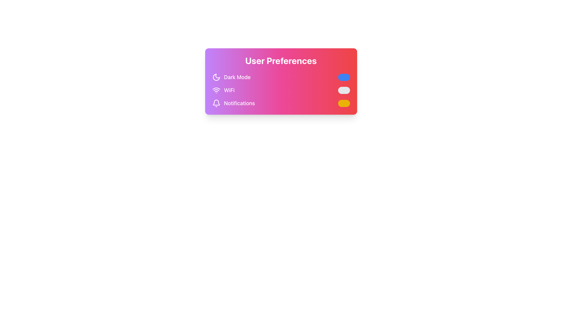 Image resolution: width=570 pixels, height=320 pixels. Describe the element at coordinates (231, 77) in the screenshot. I see `the 'Dark Mode' label with crescent moon icon, located at the top of the settings options list` at that location.